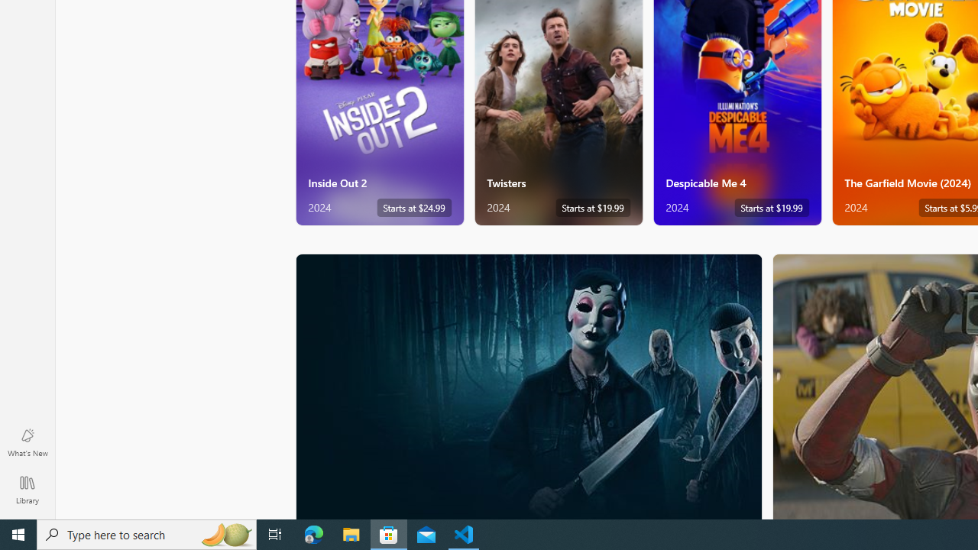 This screenshot has width=978, height=550. I want to click on 'What', so click(27, 442).